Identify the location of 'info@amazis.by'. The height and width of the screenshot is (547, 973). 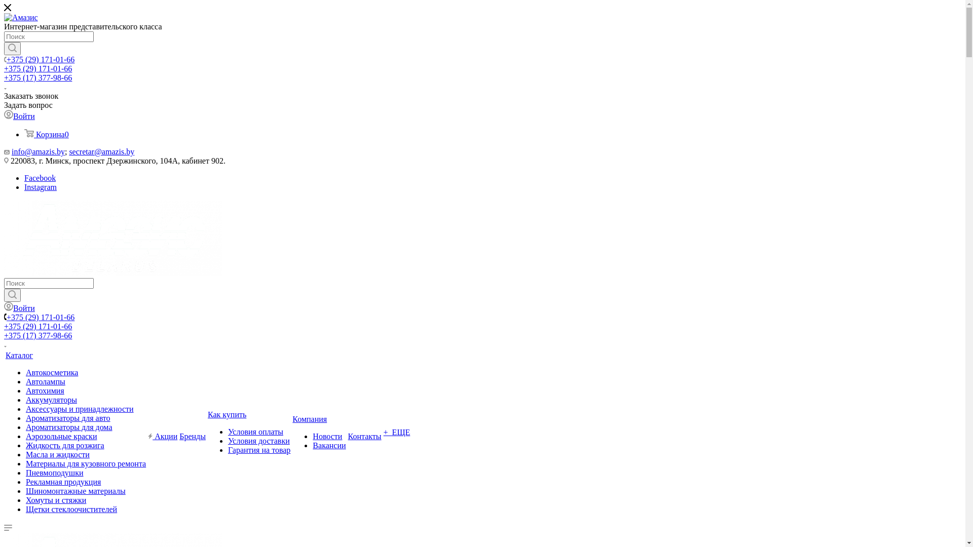
(38, 151).